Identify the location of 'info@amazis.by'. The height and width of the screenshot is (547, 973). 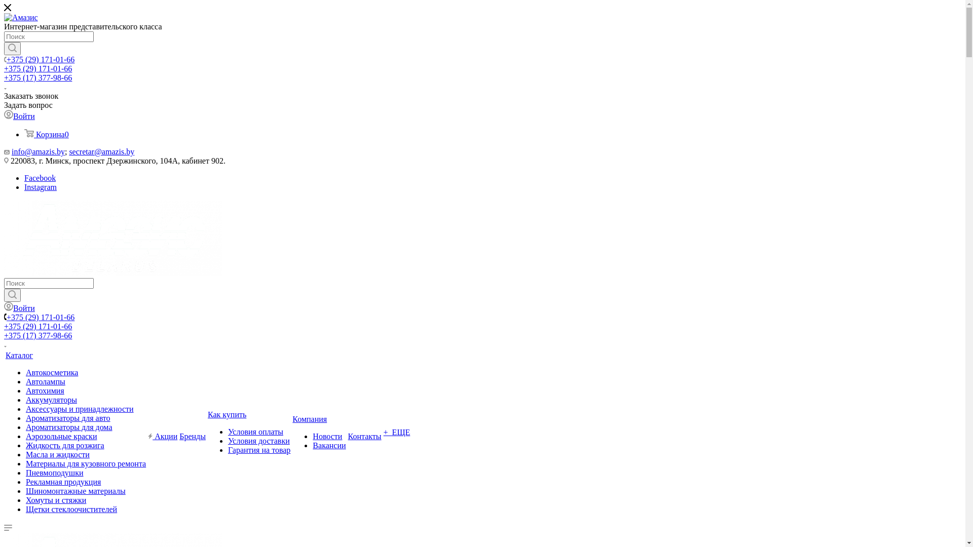
(38, 151).